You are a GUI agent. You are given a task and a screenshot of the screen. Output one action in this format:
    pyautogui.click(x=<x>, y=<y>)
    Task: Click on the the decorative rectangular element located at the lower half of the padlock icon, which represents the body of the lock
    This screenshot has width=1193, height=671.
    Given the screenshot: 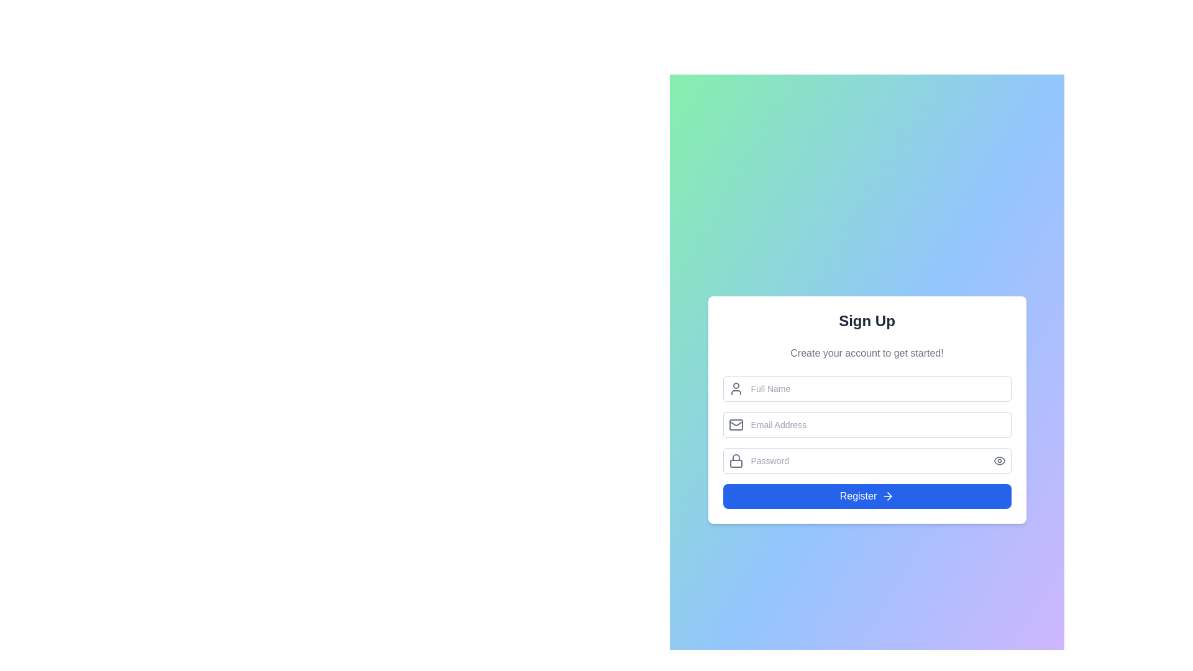 What is the action you would take?
    pyautogui.click(x=736, y=463)
    